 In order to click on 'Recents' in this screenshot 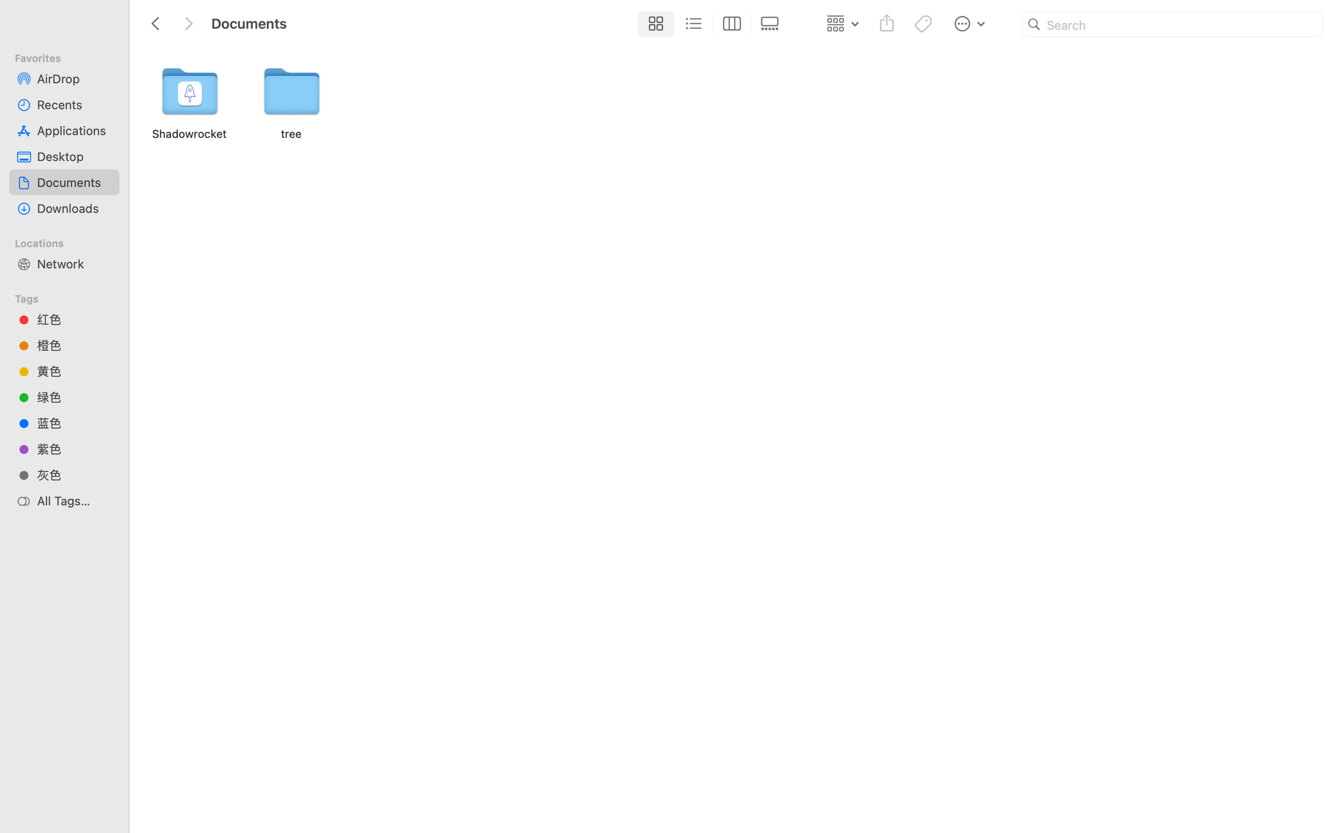, I will do `click(74, 105)`.